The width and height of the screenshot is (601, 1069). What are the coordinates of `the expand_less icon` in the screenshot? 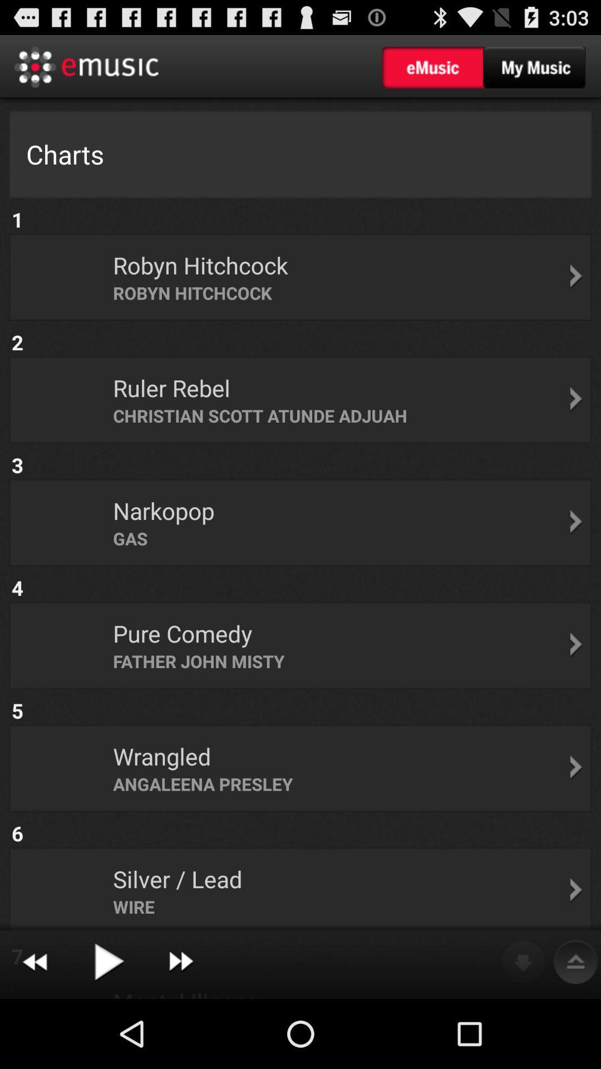 It's located at (575, 1029).